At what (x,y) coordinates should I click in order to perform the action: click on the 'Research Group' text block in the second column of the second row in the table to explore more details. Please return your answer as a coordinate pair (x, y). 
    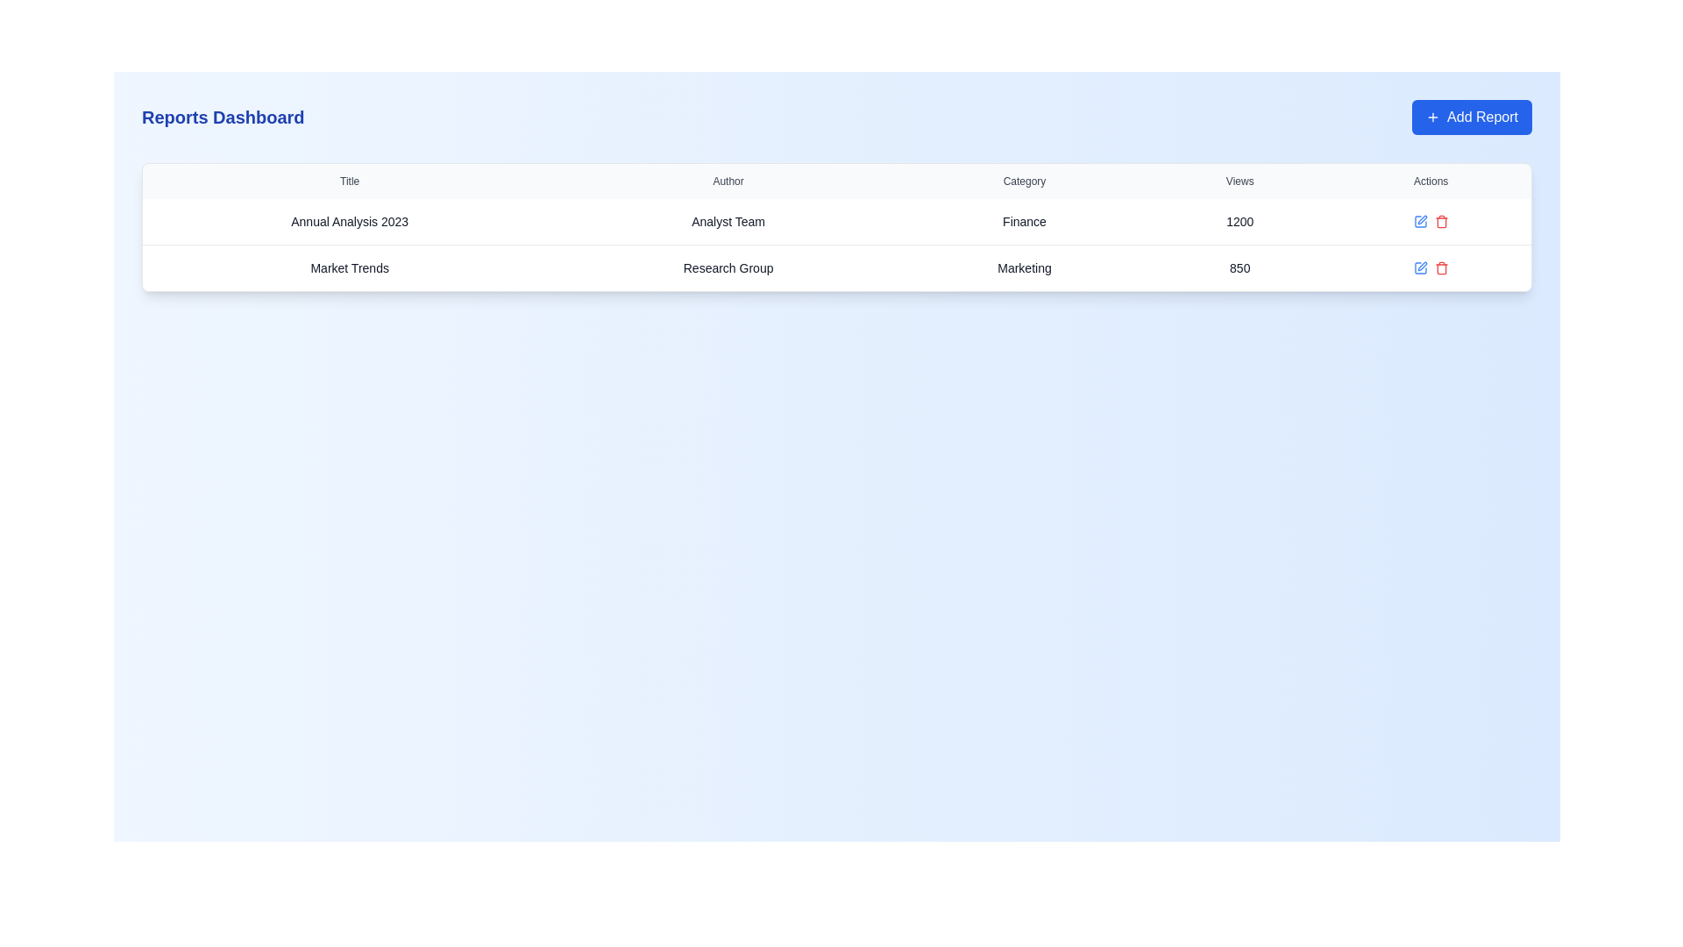
    Looking at the image, I should click on (728, 267).